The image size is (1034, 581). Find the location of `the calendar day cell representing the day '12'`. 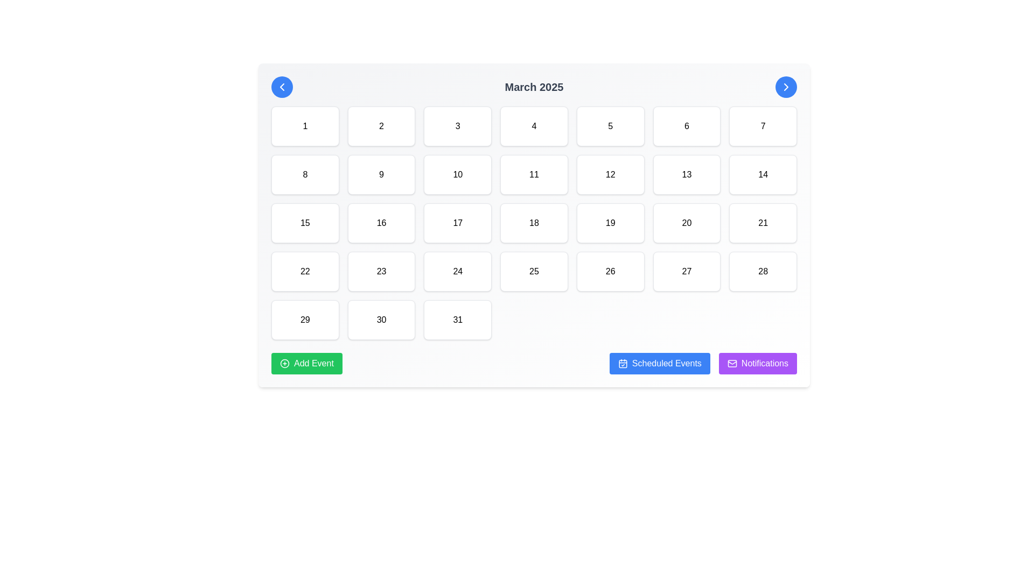

the calendar day cell representing the day '12' is located at coordinates (610, 174).